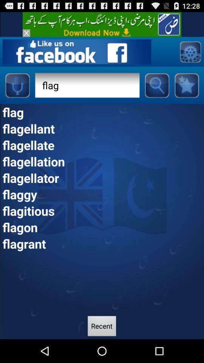 The width and height of the screenshot is (204, 363). Describe the element at coordinates (156, 85) in the screenshot. I see `performs a search` at that location.